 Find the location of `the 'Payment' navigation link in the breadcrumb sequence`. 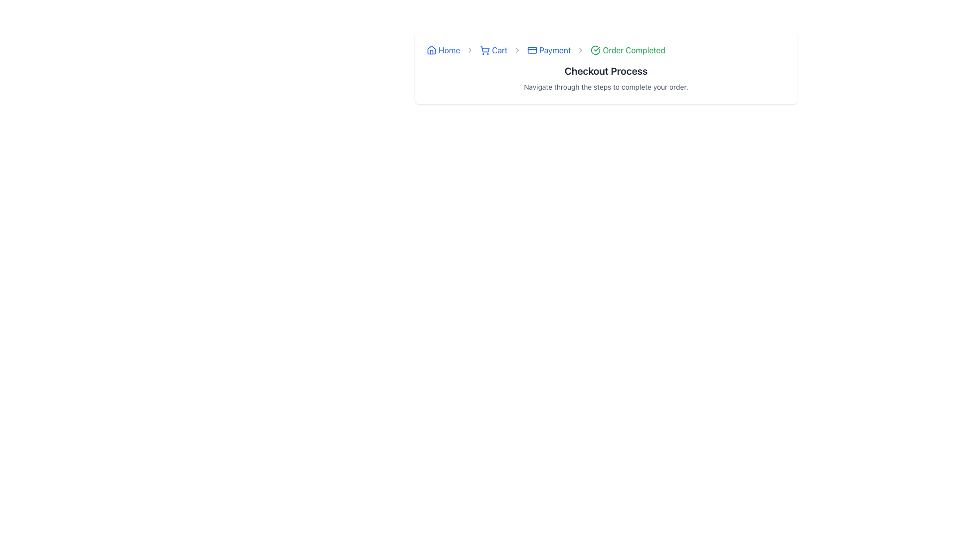

the 'Payment' navigation link in the breadcrumb sequence is located at coordinates (548, 50).